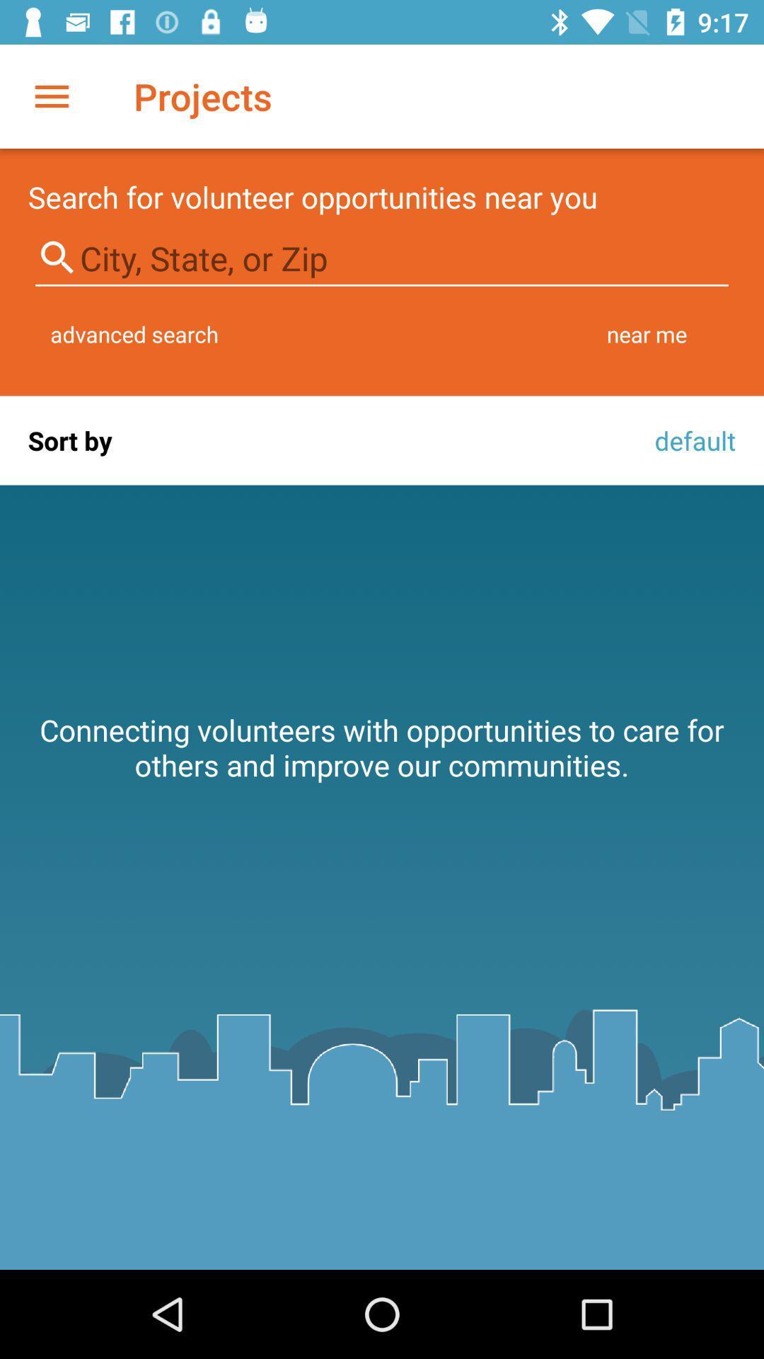 This screenshot has width=764, height=1359. I want to click on the icon to the right of the advanced search item, so click(647, 333).